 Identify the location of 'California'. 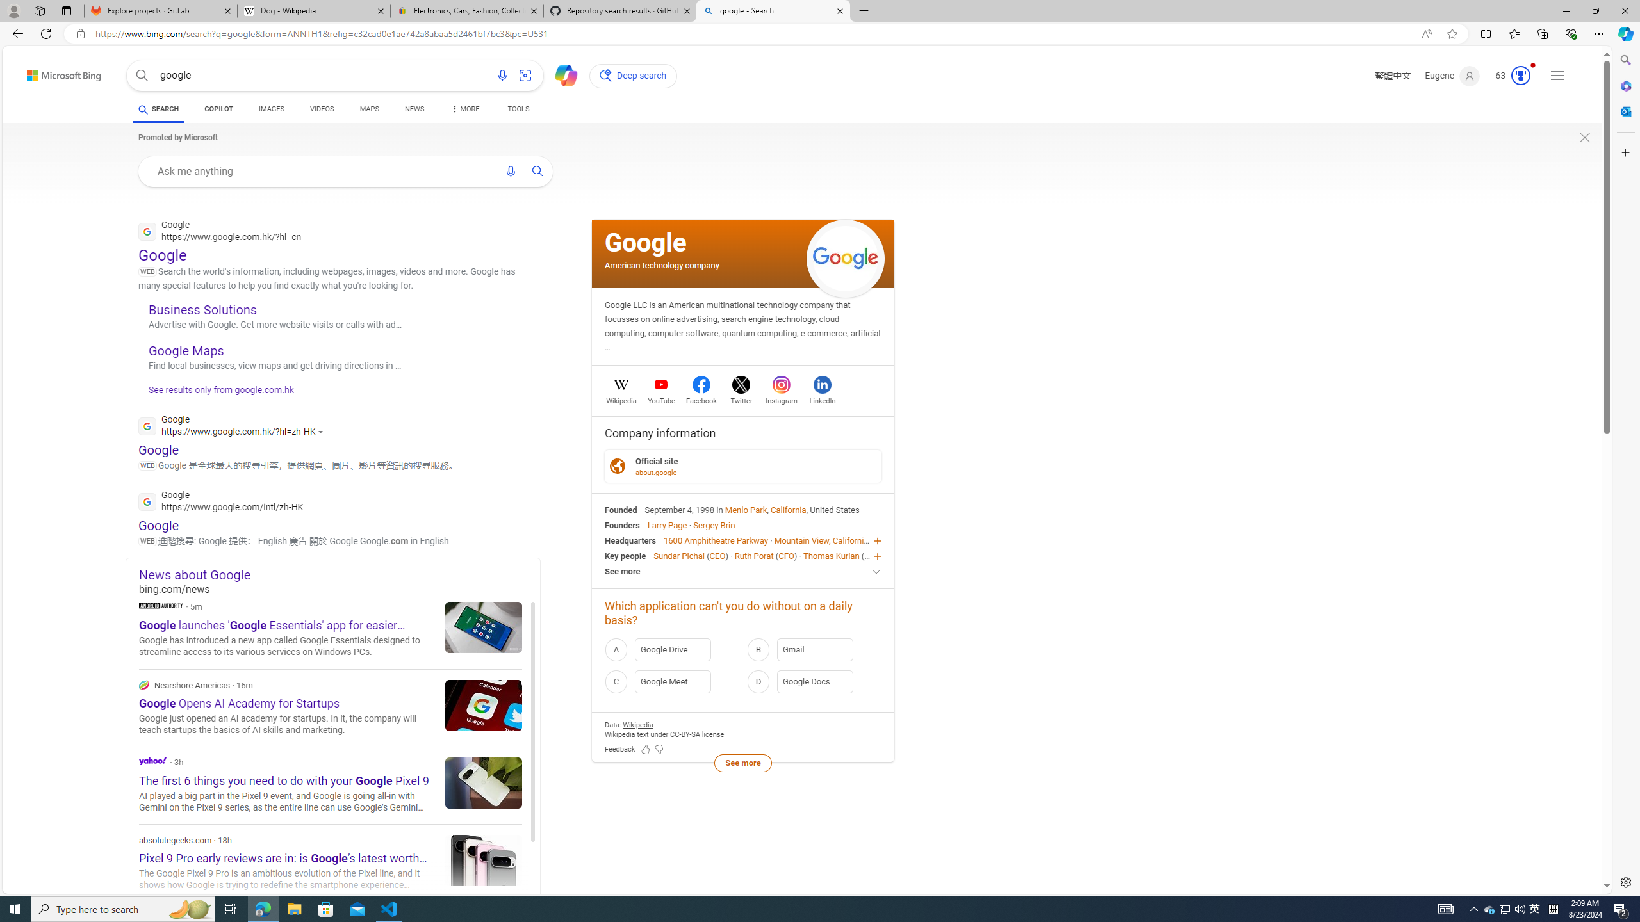
(789, 508).